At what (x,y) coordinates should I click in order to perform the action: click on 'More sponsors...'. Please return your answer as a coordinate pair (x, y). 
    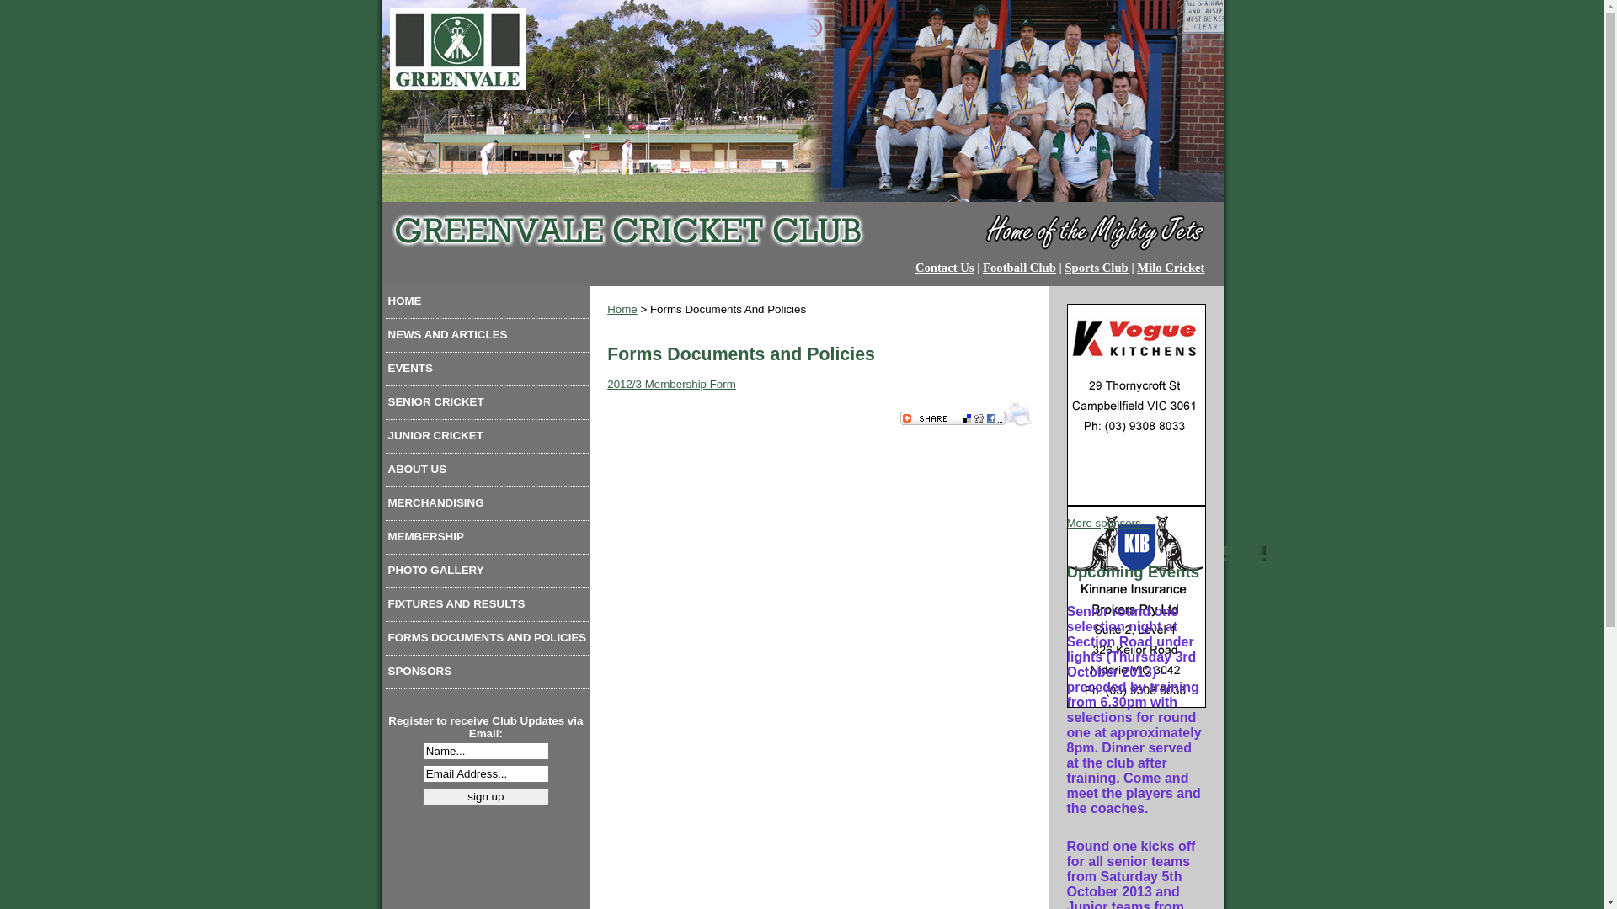
    Looking at the image, I should click on (1065, 522).